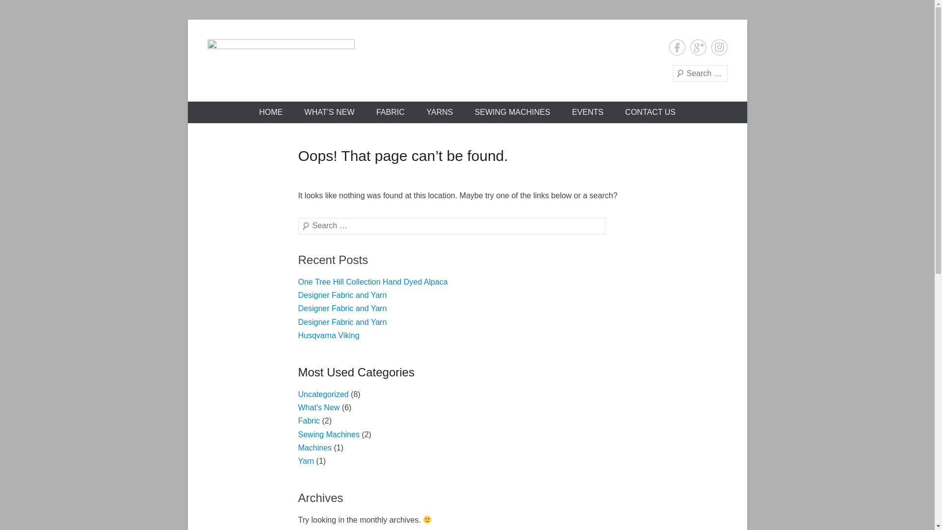  I want to click on 'YARNS', so click(439, 111).